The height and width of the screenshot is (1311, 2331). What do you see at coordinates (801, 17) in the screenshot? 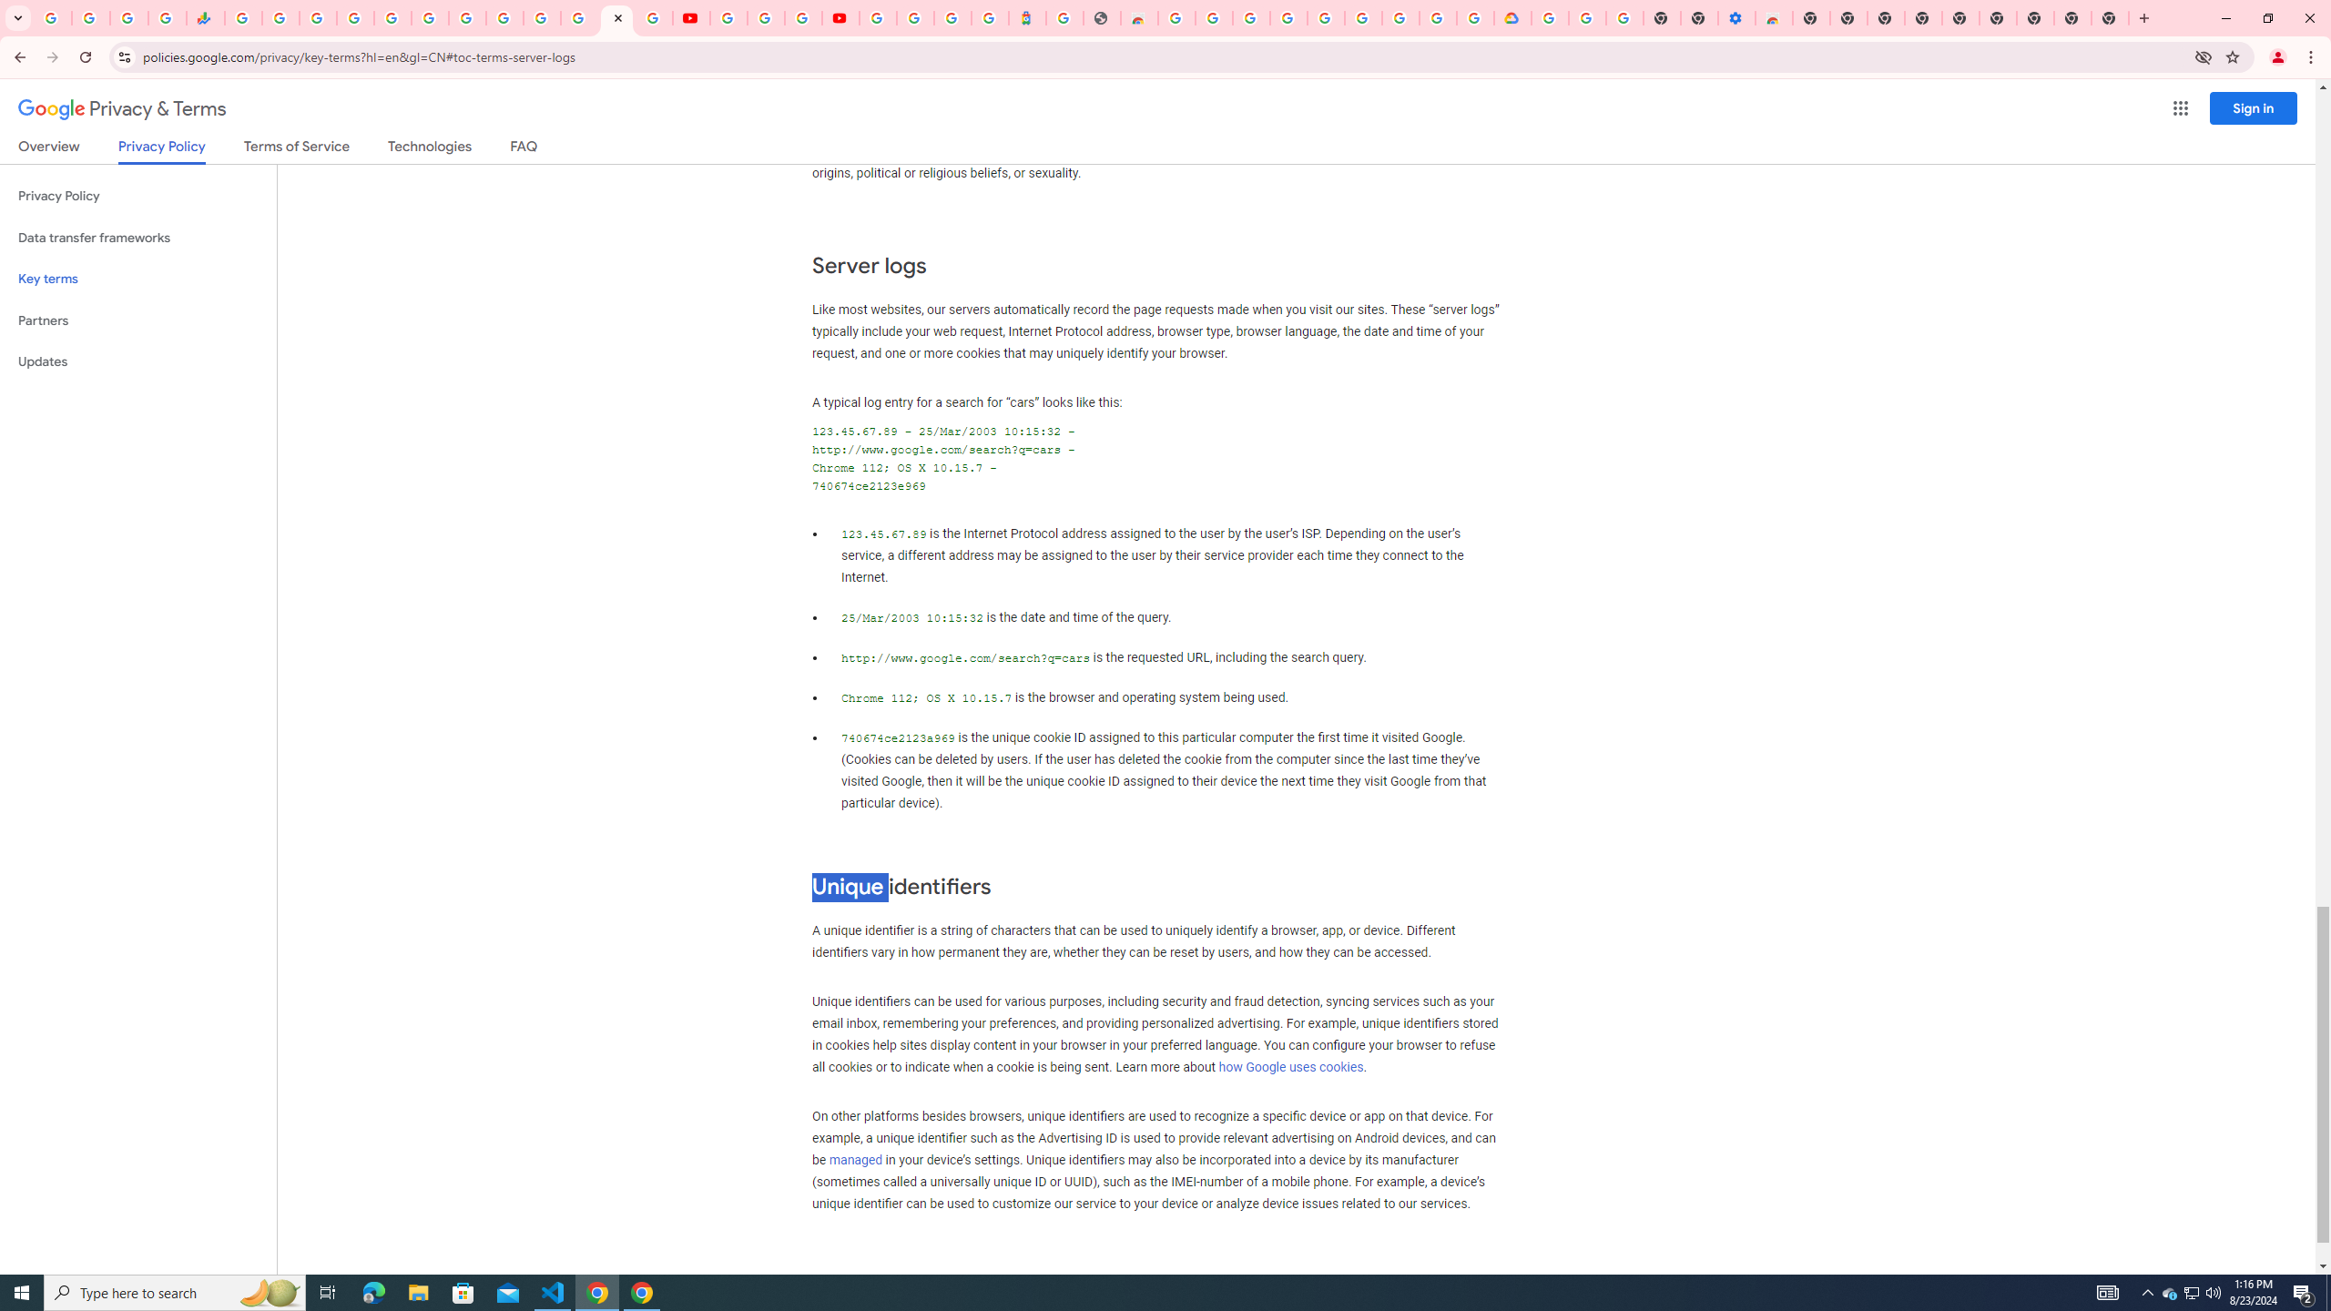
I see `'Create your Google Account'` at bounding box center [801, 17].